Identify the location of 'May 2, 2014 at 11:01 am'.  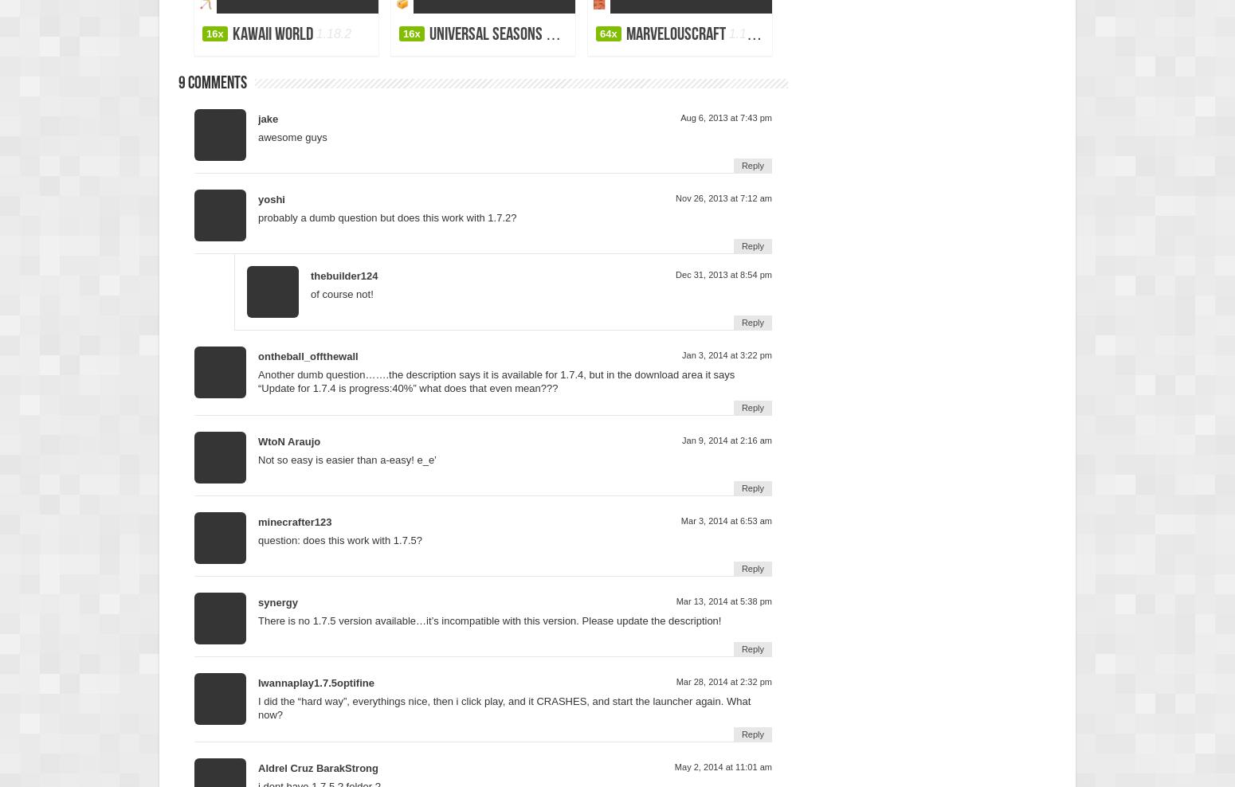
(723, 766).